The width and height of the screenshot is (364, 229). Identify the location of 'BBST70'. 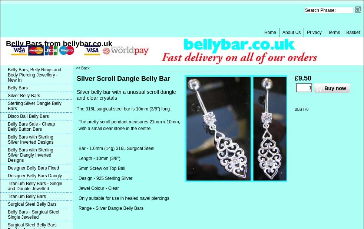
(301, 109).